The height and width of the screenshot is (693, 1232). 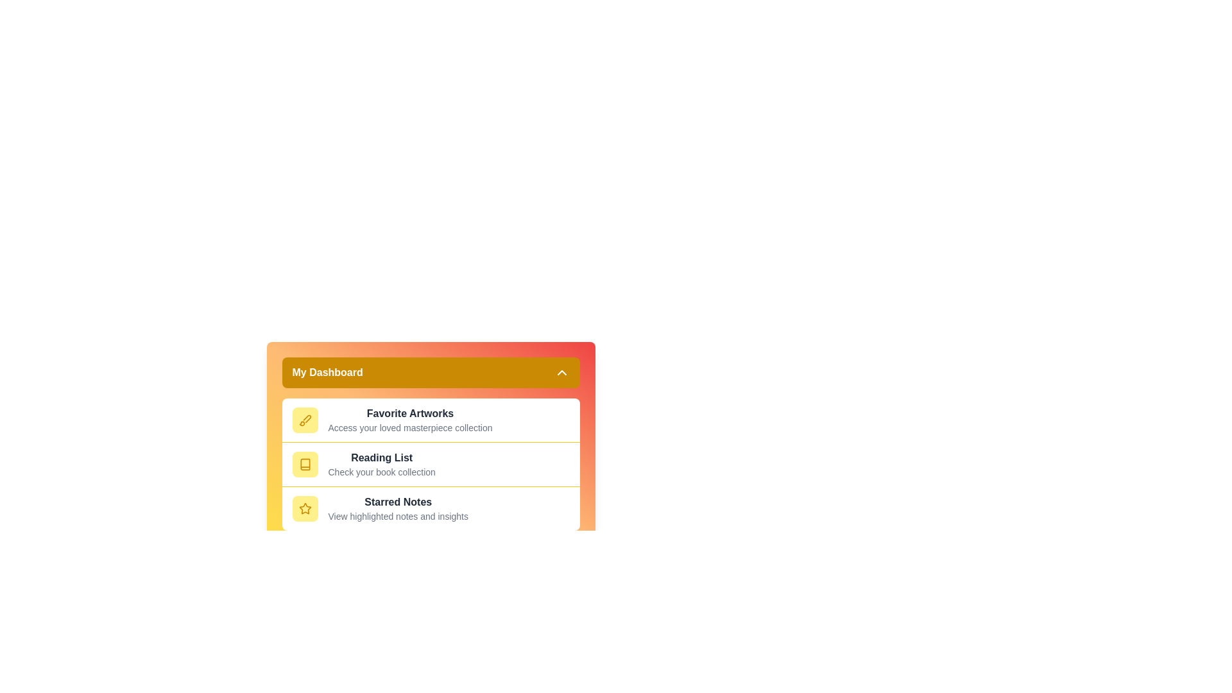 I want to click on the square-shaped icon with rounded corners, filled with a light yellow background and a book symbol in the center, located above the 'Starred Notes' section and below the 'Favorite Artworks' section, so click(x=304, y=465).